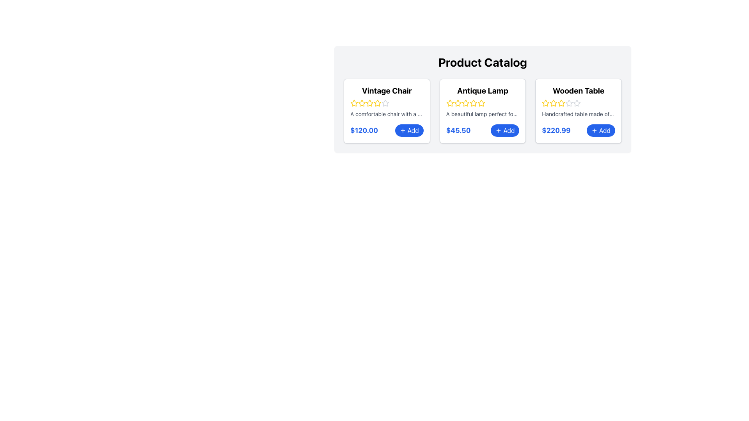  Describe the element at coordinates (387, 111) in the screenshot. I see `the first product card in the product catalog` at that location.